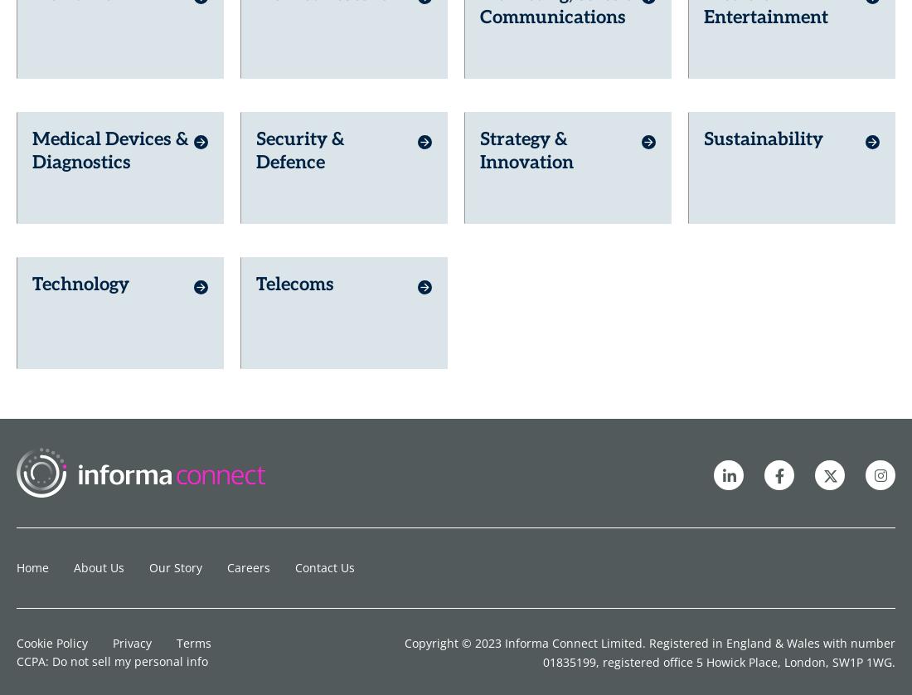  I want to click on 'Cookie Policy', so click(51, 451).